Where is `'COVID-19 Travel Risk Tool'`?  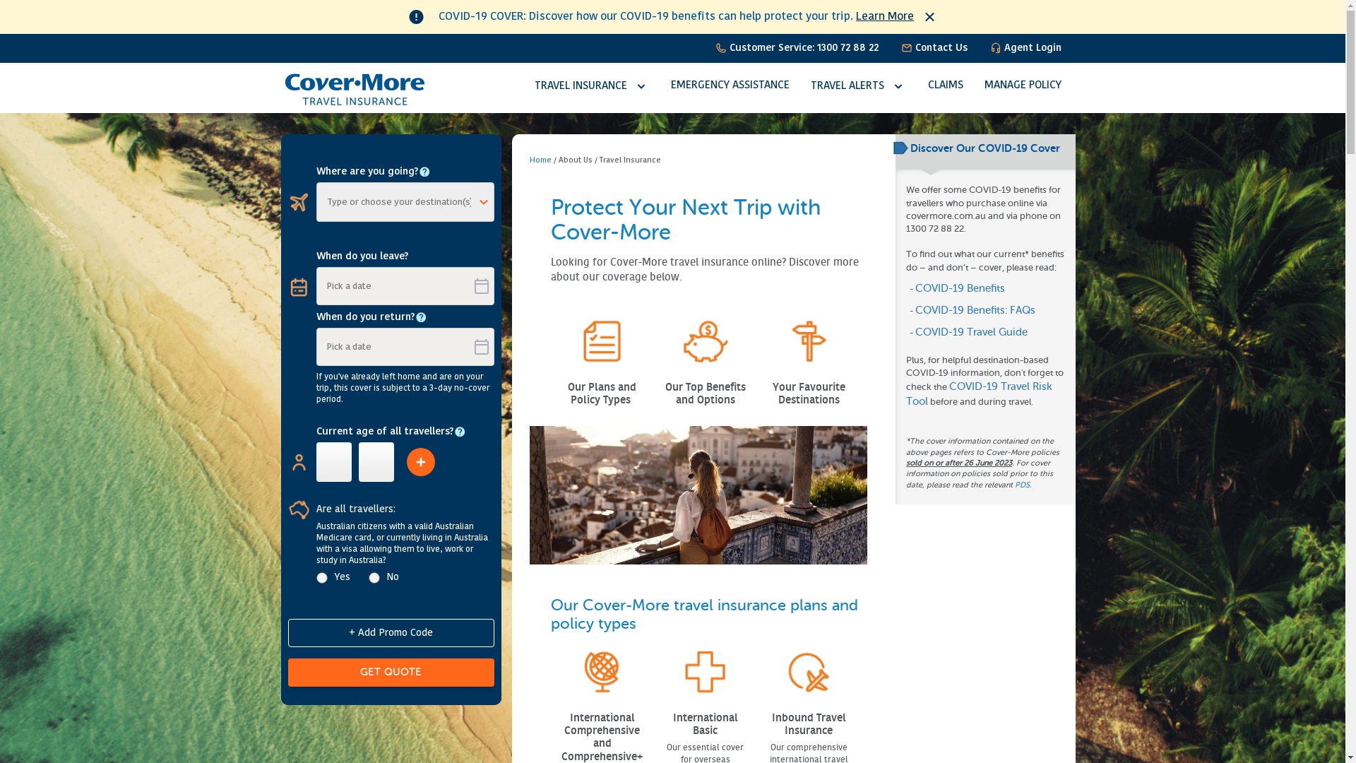
'COVID-19 Travel Risk Tool' is located at coordinates (978, 394).